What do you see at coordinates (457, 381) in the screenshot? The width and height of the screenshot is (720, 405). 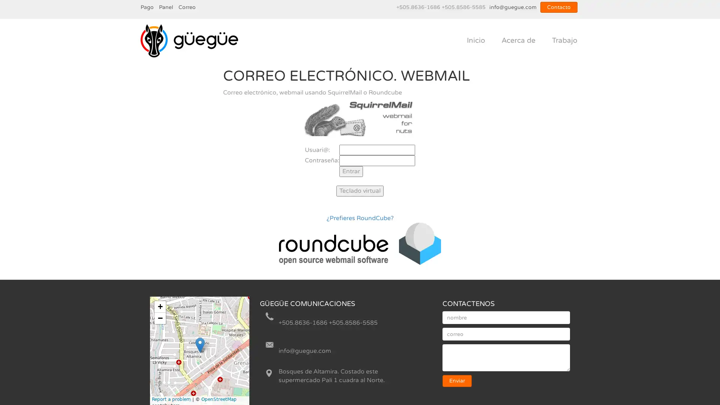 I see `Enviar` at bounding box center [457, 381].